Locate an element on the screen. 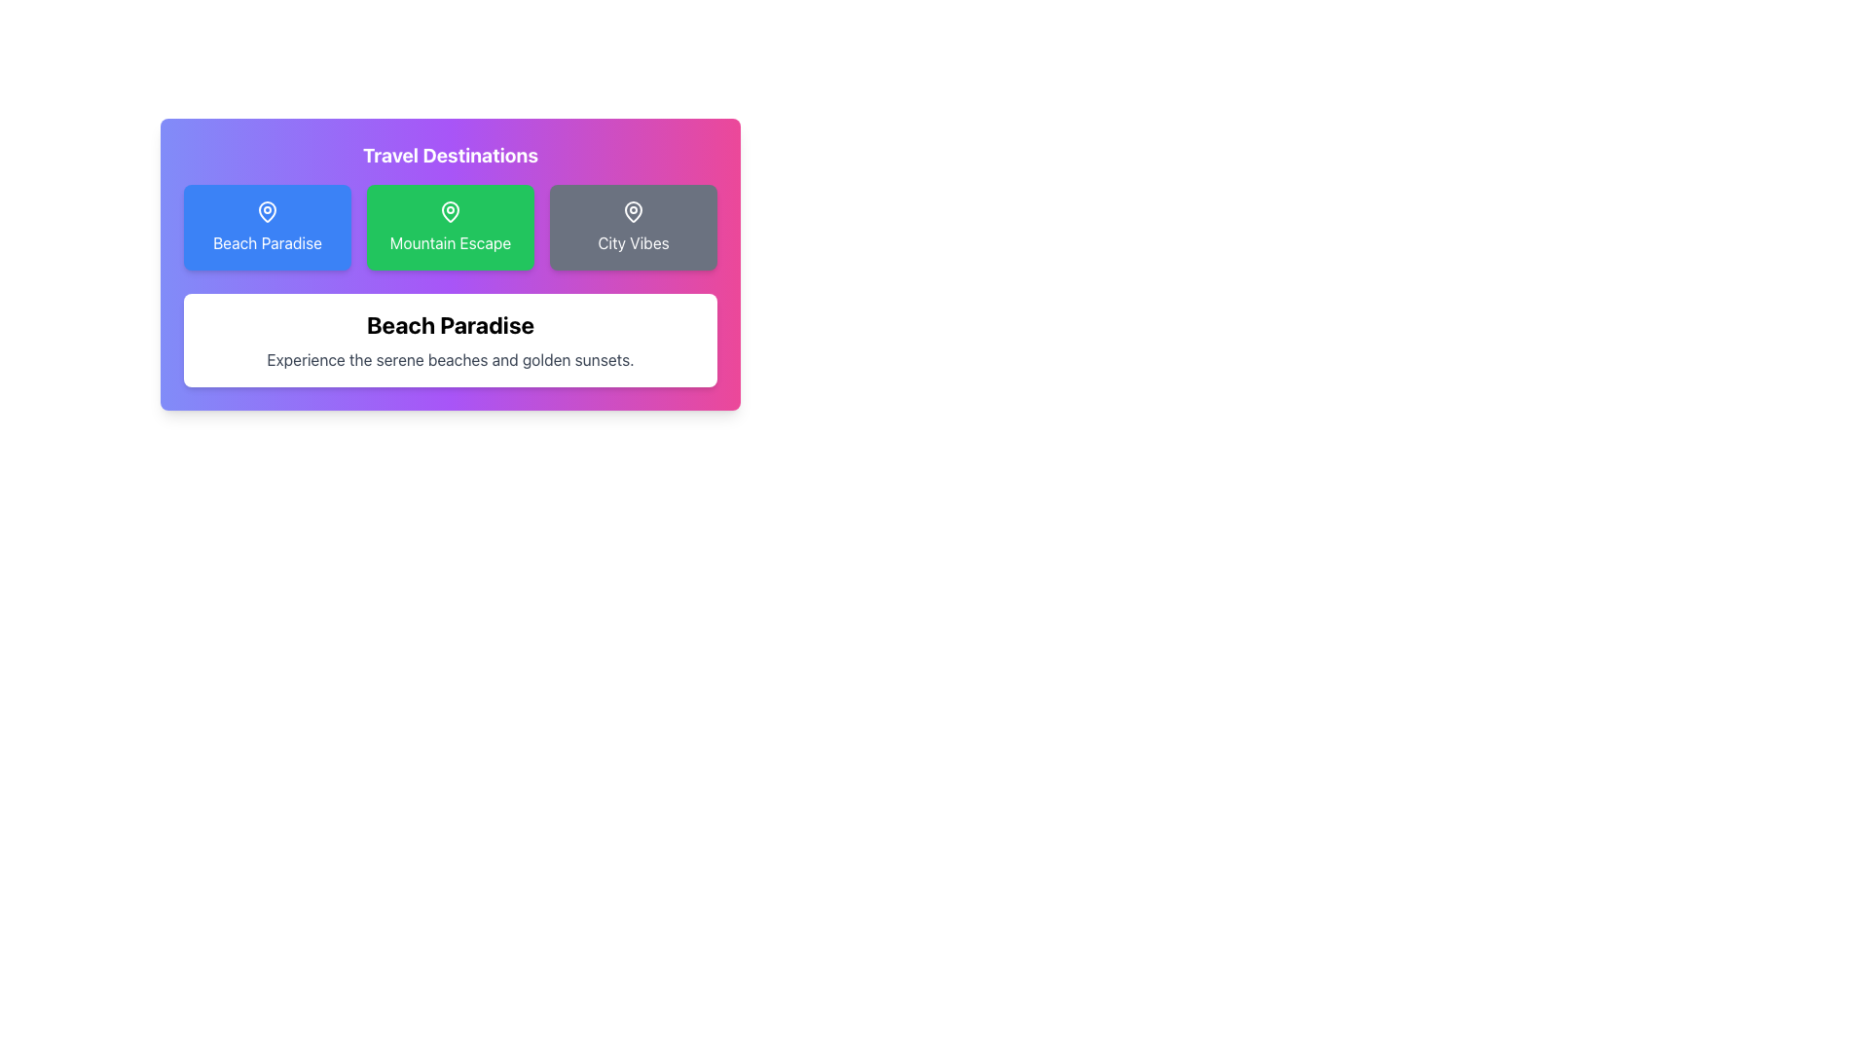 This screenshot has height=1051, width=1869. the rounded rectangular button labeled 'City Vibes' with a gray background and a white map pin icon above the text is located at coordinates (634, 227).